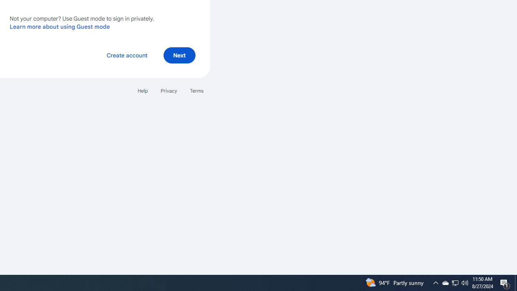  I want to click on 'Next', so click(179, 55).